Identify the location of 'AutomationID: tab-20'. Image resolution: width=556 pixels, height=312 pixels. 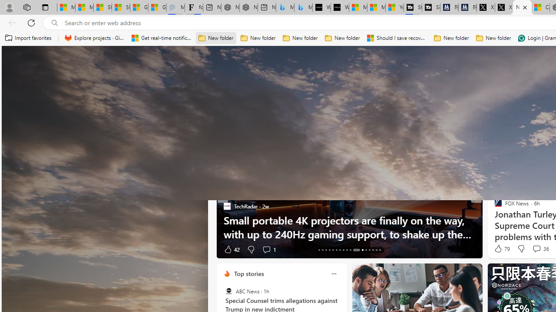
(343, 250).